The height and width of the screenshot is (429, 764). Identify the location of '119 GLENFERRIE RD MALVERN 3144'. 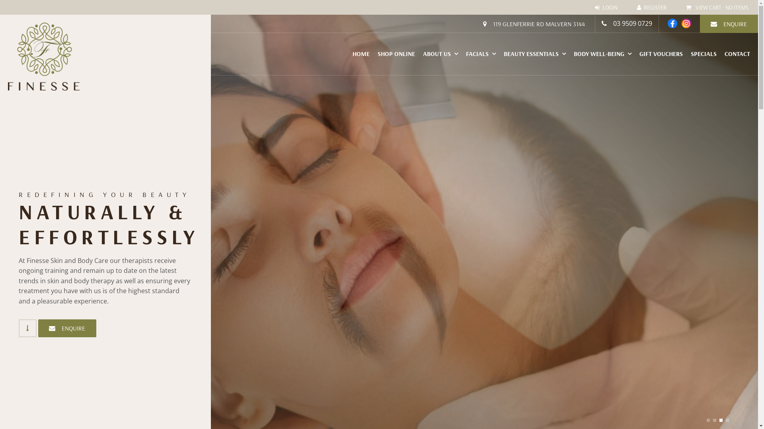
(534, 23).